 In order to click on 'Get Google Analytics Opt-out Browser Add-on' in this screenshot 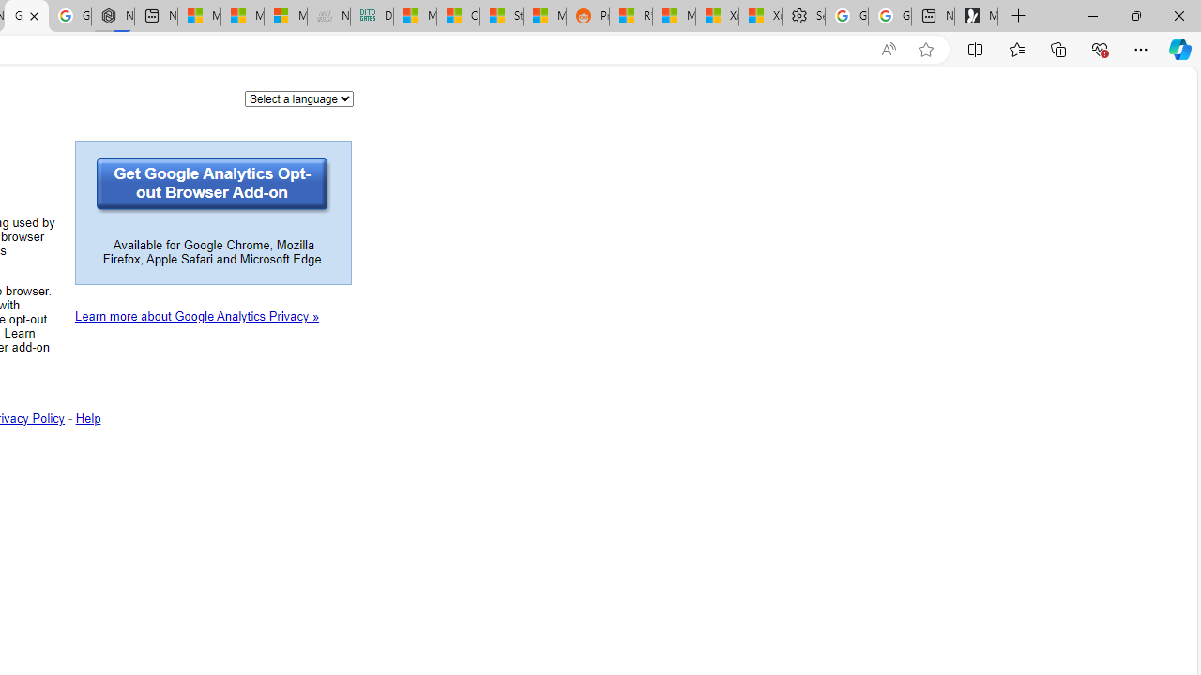, I will do `click(213, 186)`.